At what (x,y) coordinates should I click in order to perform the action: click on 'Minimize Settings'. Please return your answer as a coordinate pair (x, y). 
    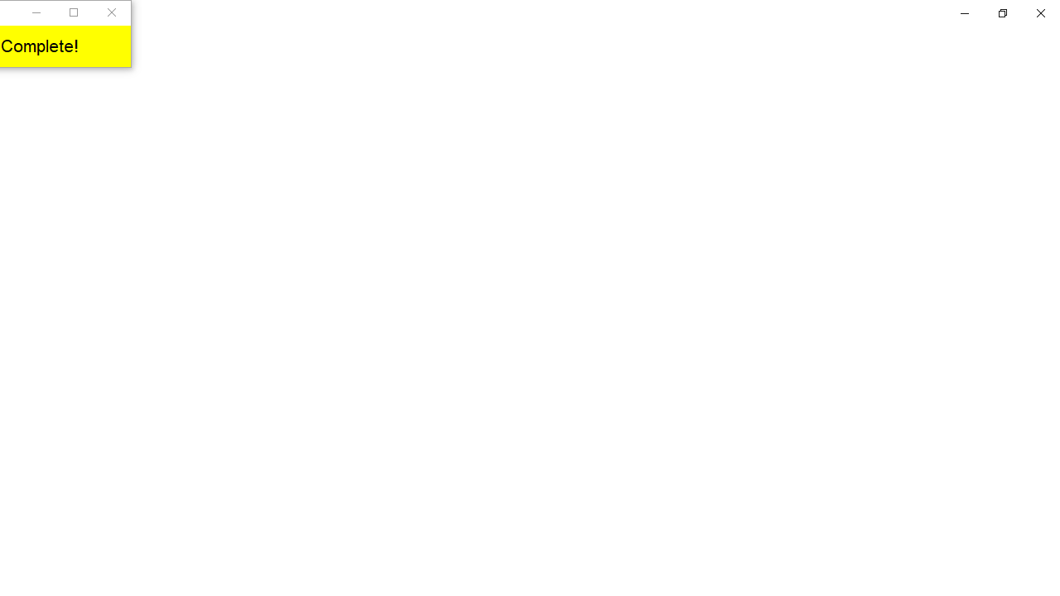
    Looking at the image, I should click on (964, 12).